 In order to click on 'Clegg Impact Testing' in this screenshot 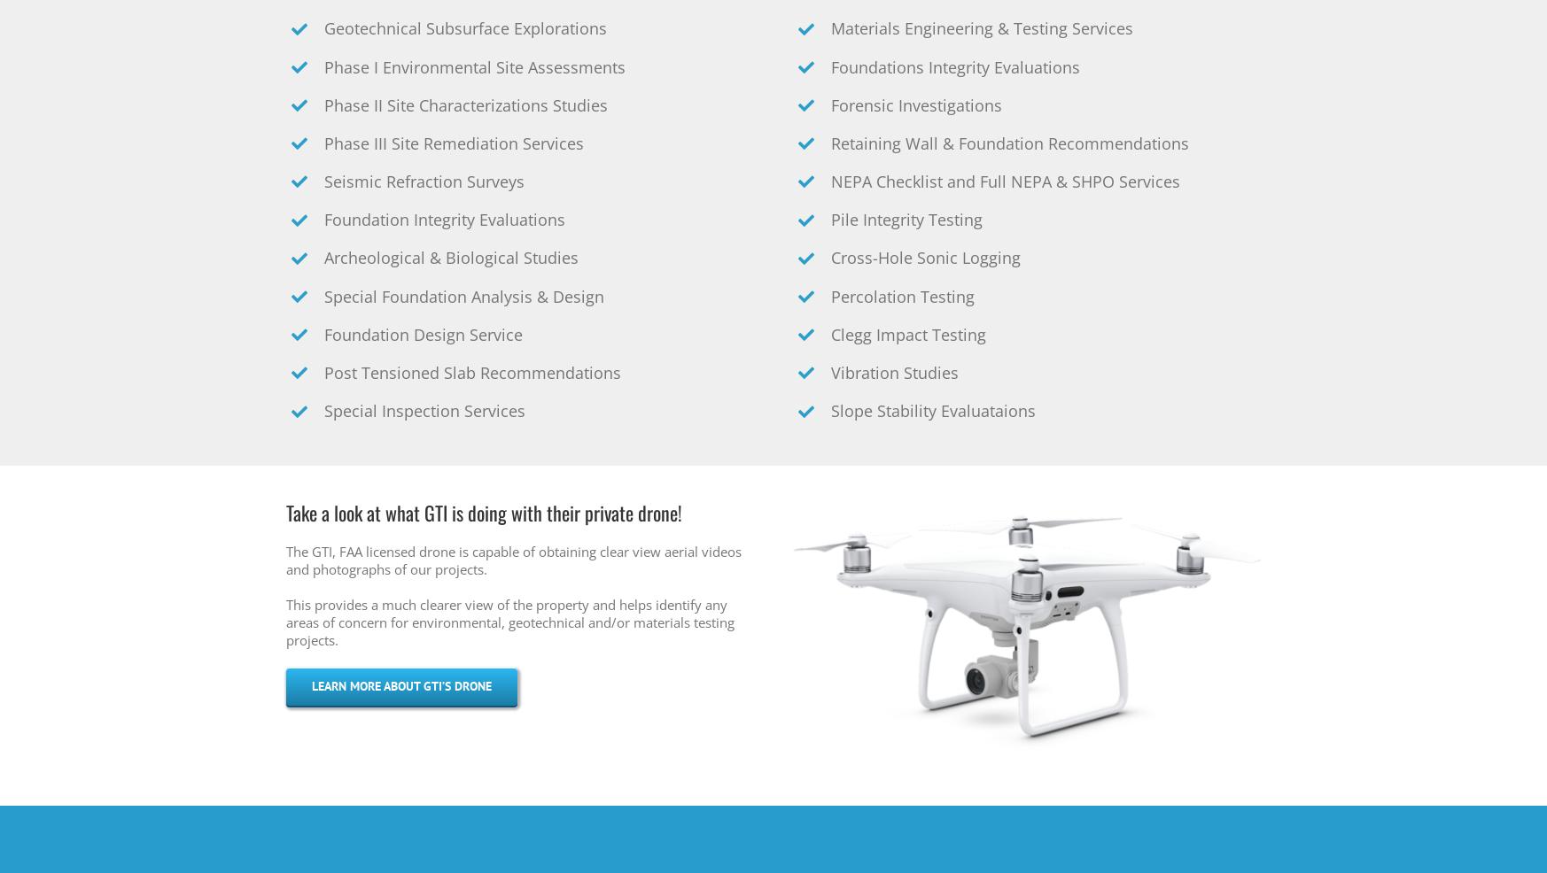, I will do `click(908, 334)`.